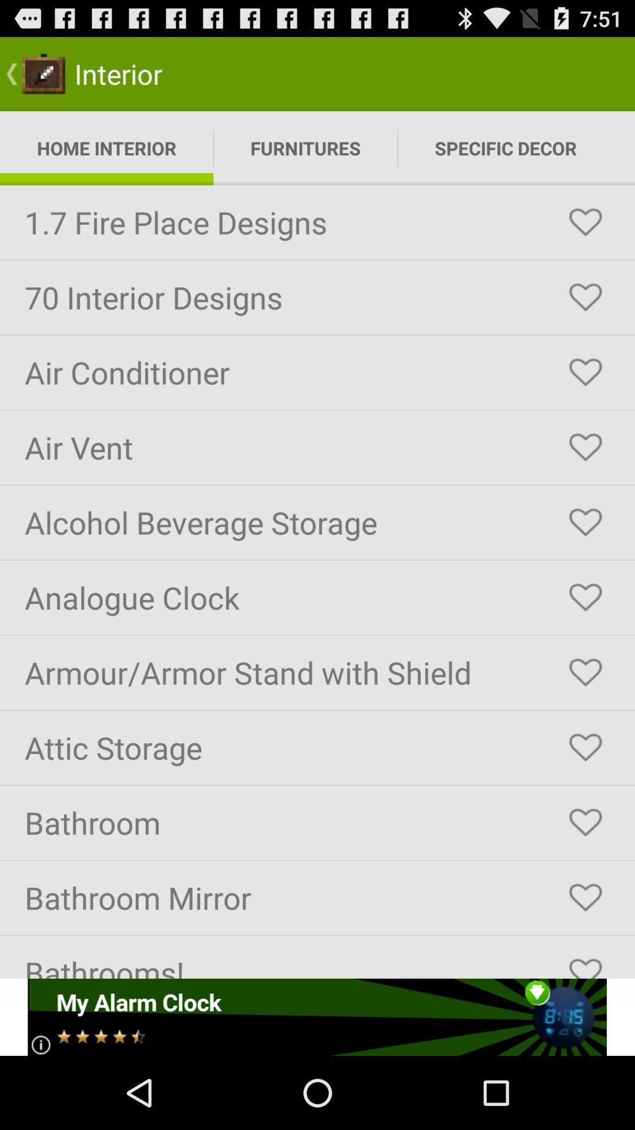 Image resolution: width=635 pixels, height=1130 pixels. I want to click on to favorite, so click(585, 747).